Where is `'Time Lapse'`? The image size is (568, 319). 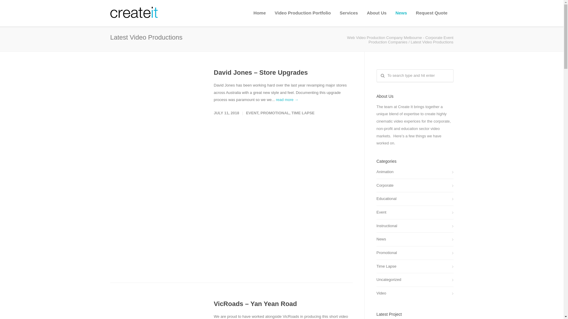 'Time Lapse' is located at coordinates (414, 266).